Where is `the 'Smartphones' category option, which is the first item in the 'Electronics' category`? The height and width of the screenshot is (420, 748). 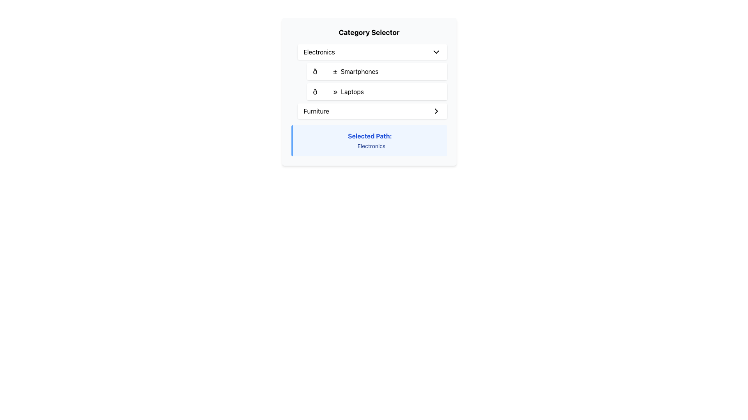
the 'Smartphones' category option, which is the first item in the 'Electronics' category is located at coordinates (377, 72).